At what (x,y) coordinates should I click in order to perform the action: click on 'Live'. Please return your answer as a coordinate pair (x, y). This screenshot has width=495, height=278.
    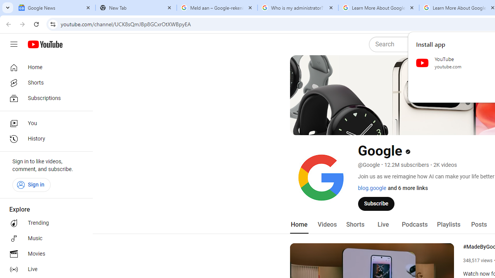
    Looking at the image, I should click on (43, 269).